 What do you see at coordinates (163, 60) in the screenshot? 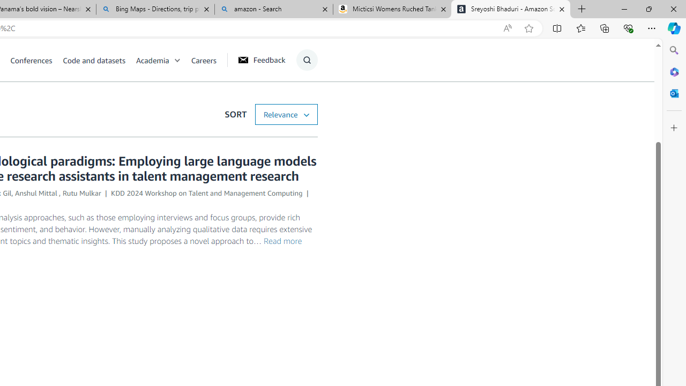
I see `'Academia'` at bounding box center [163, 60].